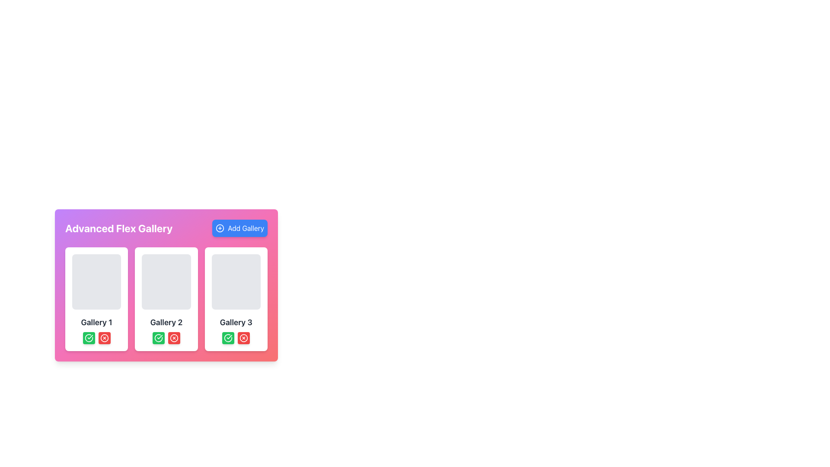 This screenshot has width=830, height=467. I want to click on the group of two buttons styled as a clickable button cluster, with the left button being green with a check icon and the right button being red with a cross icon, located under the 'Gallery 1' heading in the 'Advanced Flex Gallery', so click(96, 338).